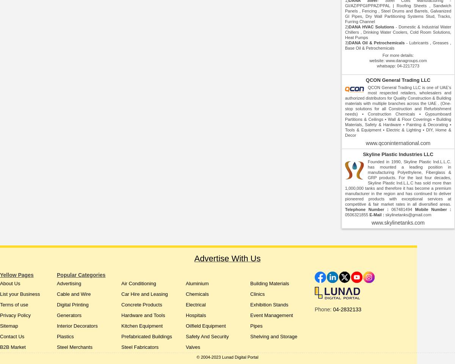  Describe the element at coordinates (13, 347) in the screenshot. I see `'B2B Market'` at that location.